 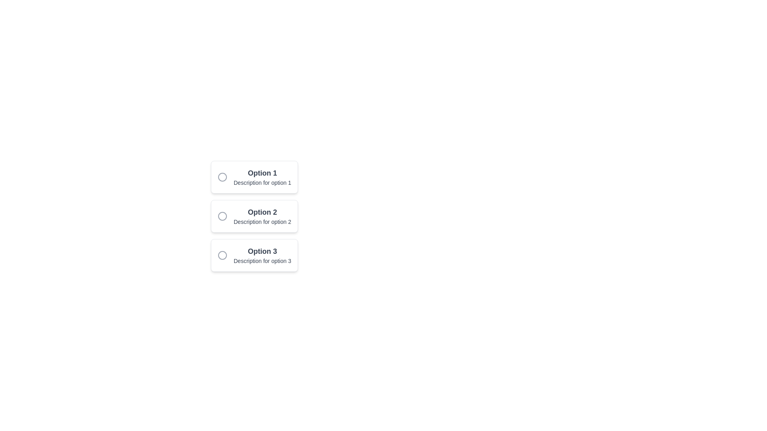 What do you see at coordinates (222, 255) in the screenshot?
I see `the radio button indicator located to the left of 'Option 3'` at bounding box center [222, 255].